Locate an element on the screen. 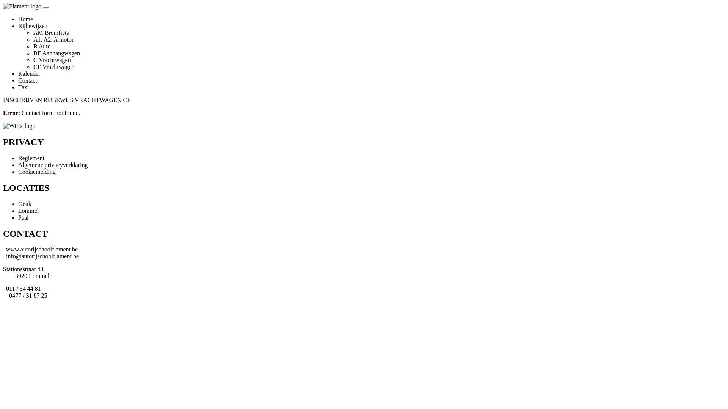 The image size is (728, 409). 'Rijbewijzen' is located at coordinates (32, 25).